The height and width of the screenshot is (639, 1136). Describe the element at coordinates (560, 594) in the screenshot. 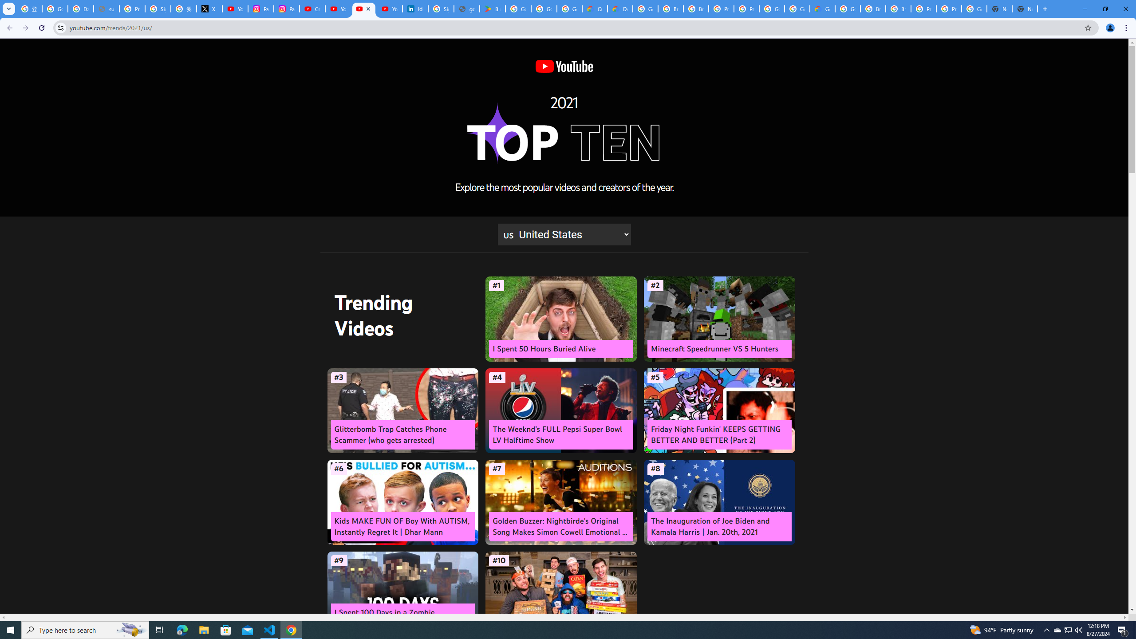

I see `'#10 Game Night Stereotypes'` at that location.